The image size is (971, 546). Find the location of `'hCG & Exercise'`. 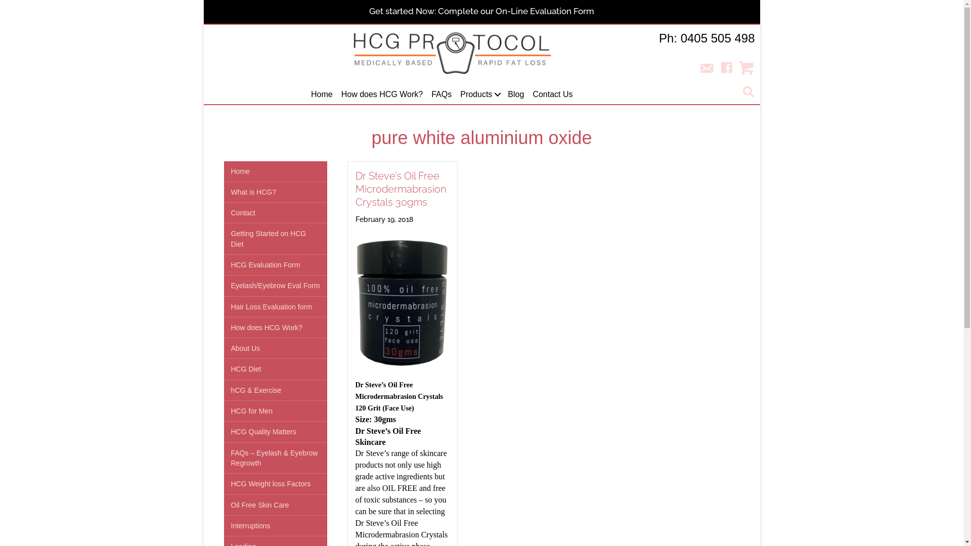

'hCG & Exercise' is located at coordinates (223, 389).